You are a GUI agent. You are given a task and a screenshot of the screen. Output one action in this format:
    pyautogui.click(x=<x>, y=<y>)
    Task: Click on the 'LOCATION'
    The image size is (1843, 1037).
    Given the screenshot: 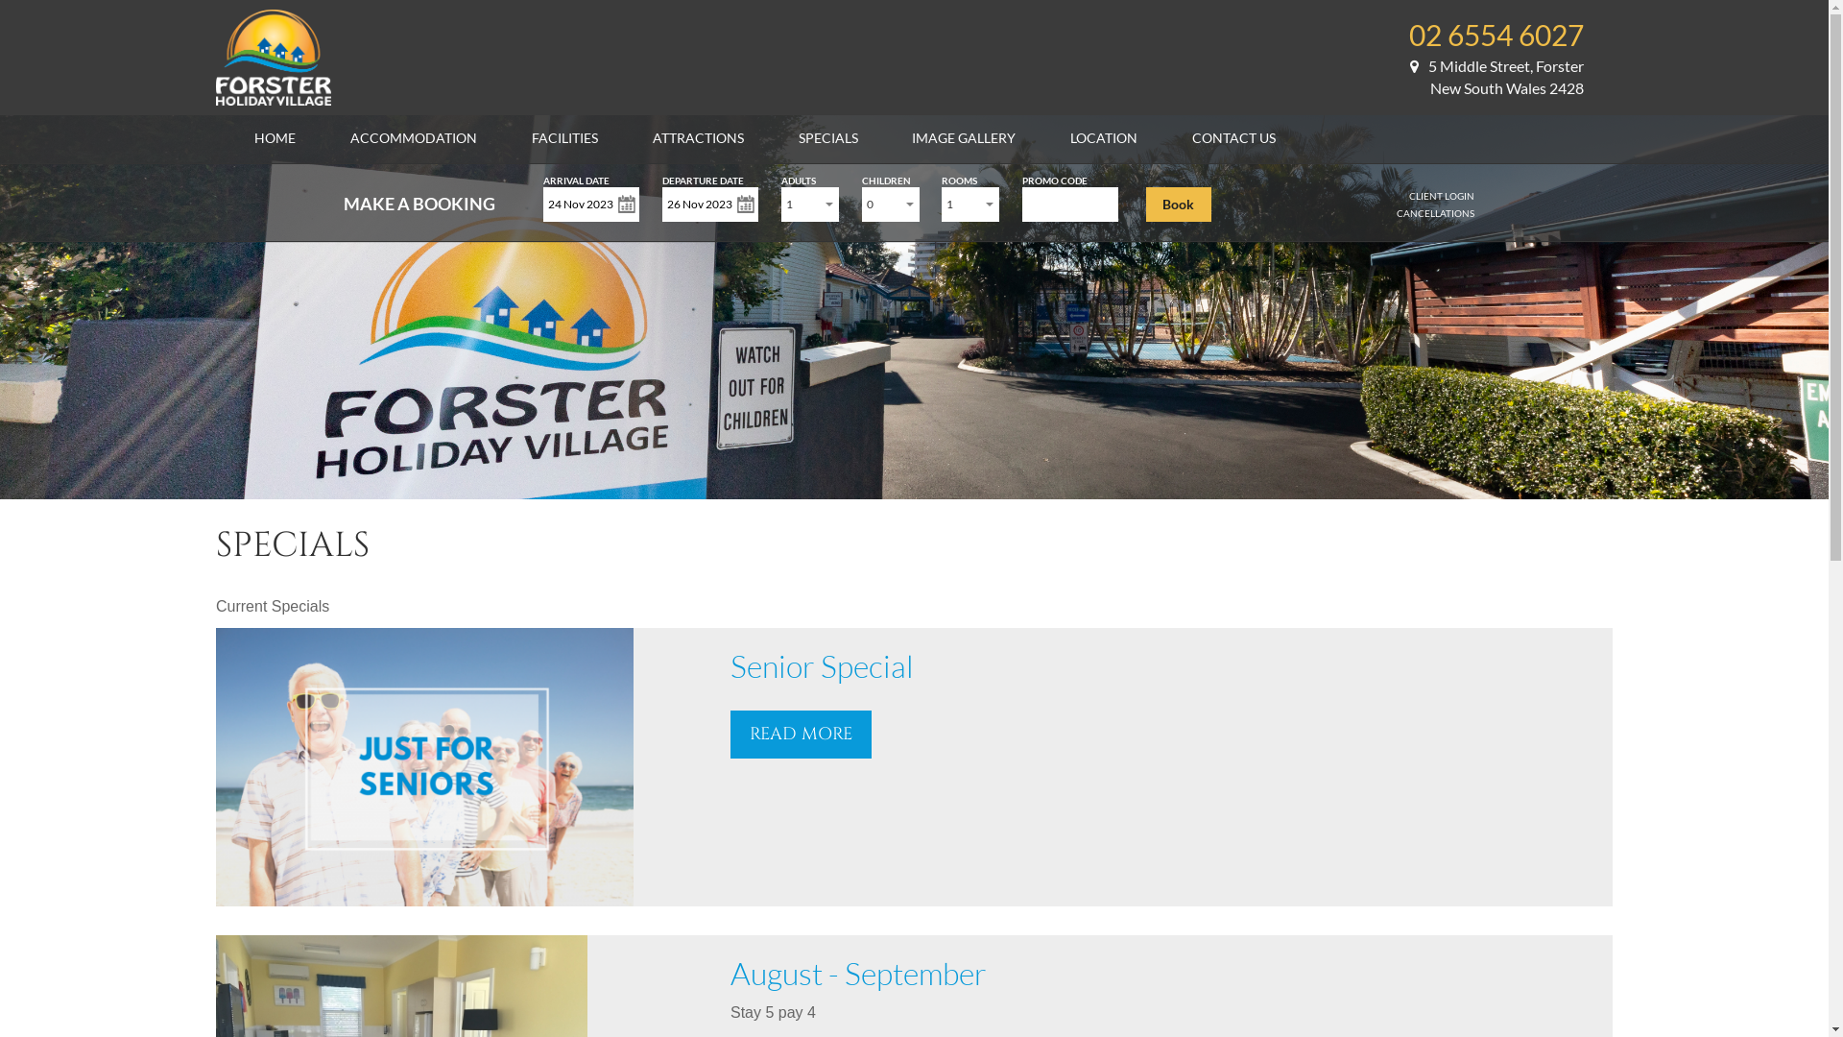 What is the action you would take?
    pyautogui.click(x=1104, y=136)
    